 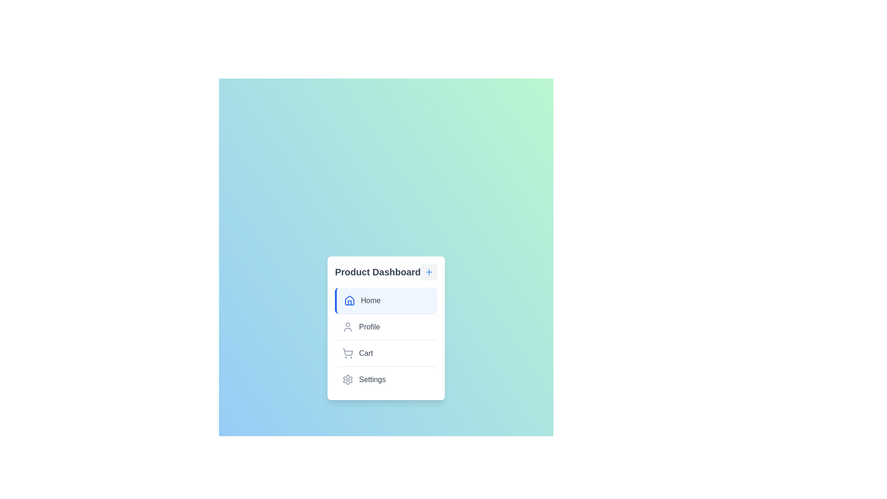 I want to click on the header to toggle the menu state, so click(x=428, y=271).